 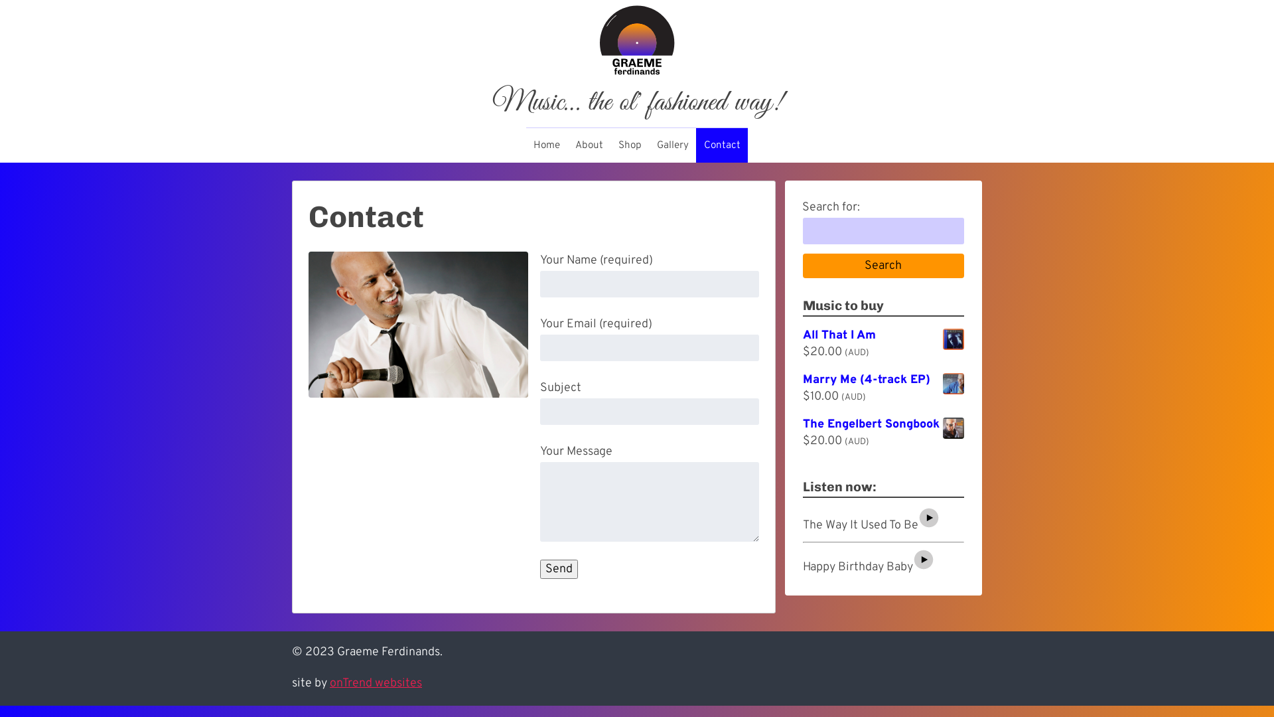 I want to click on 'onTrend websites', so click(x=330, y=683).